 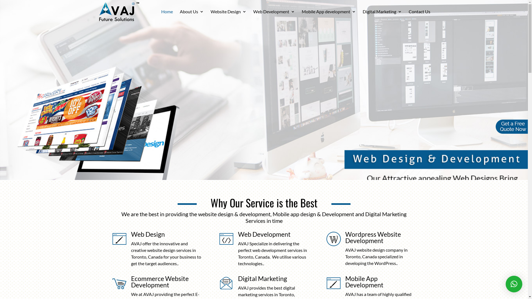 I want to click on 'Web Development', so click(x=264, y=234).